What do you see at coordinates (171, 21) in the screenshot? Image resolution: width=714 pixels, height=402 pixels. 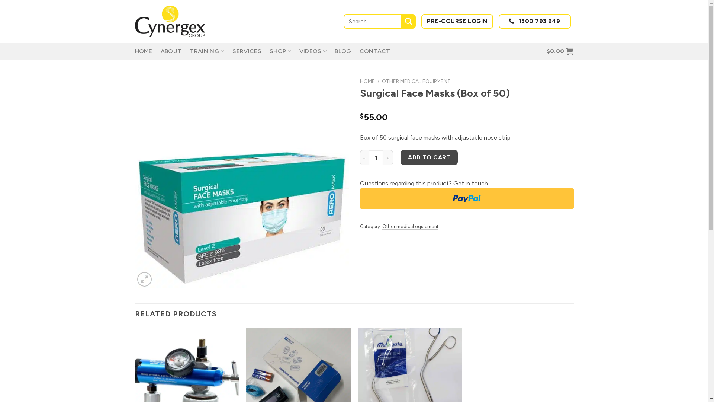 I see `'Cynergex Group - My WordPress Blog'` at bounding box center [171, 21].